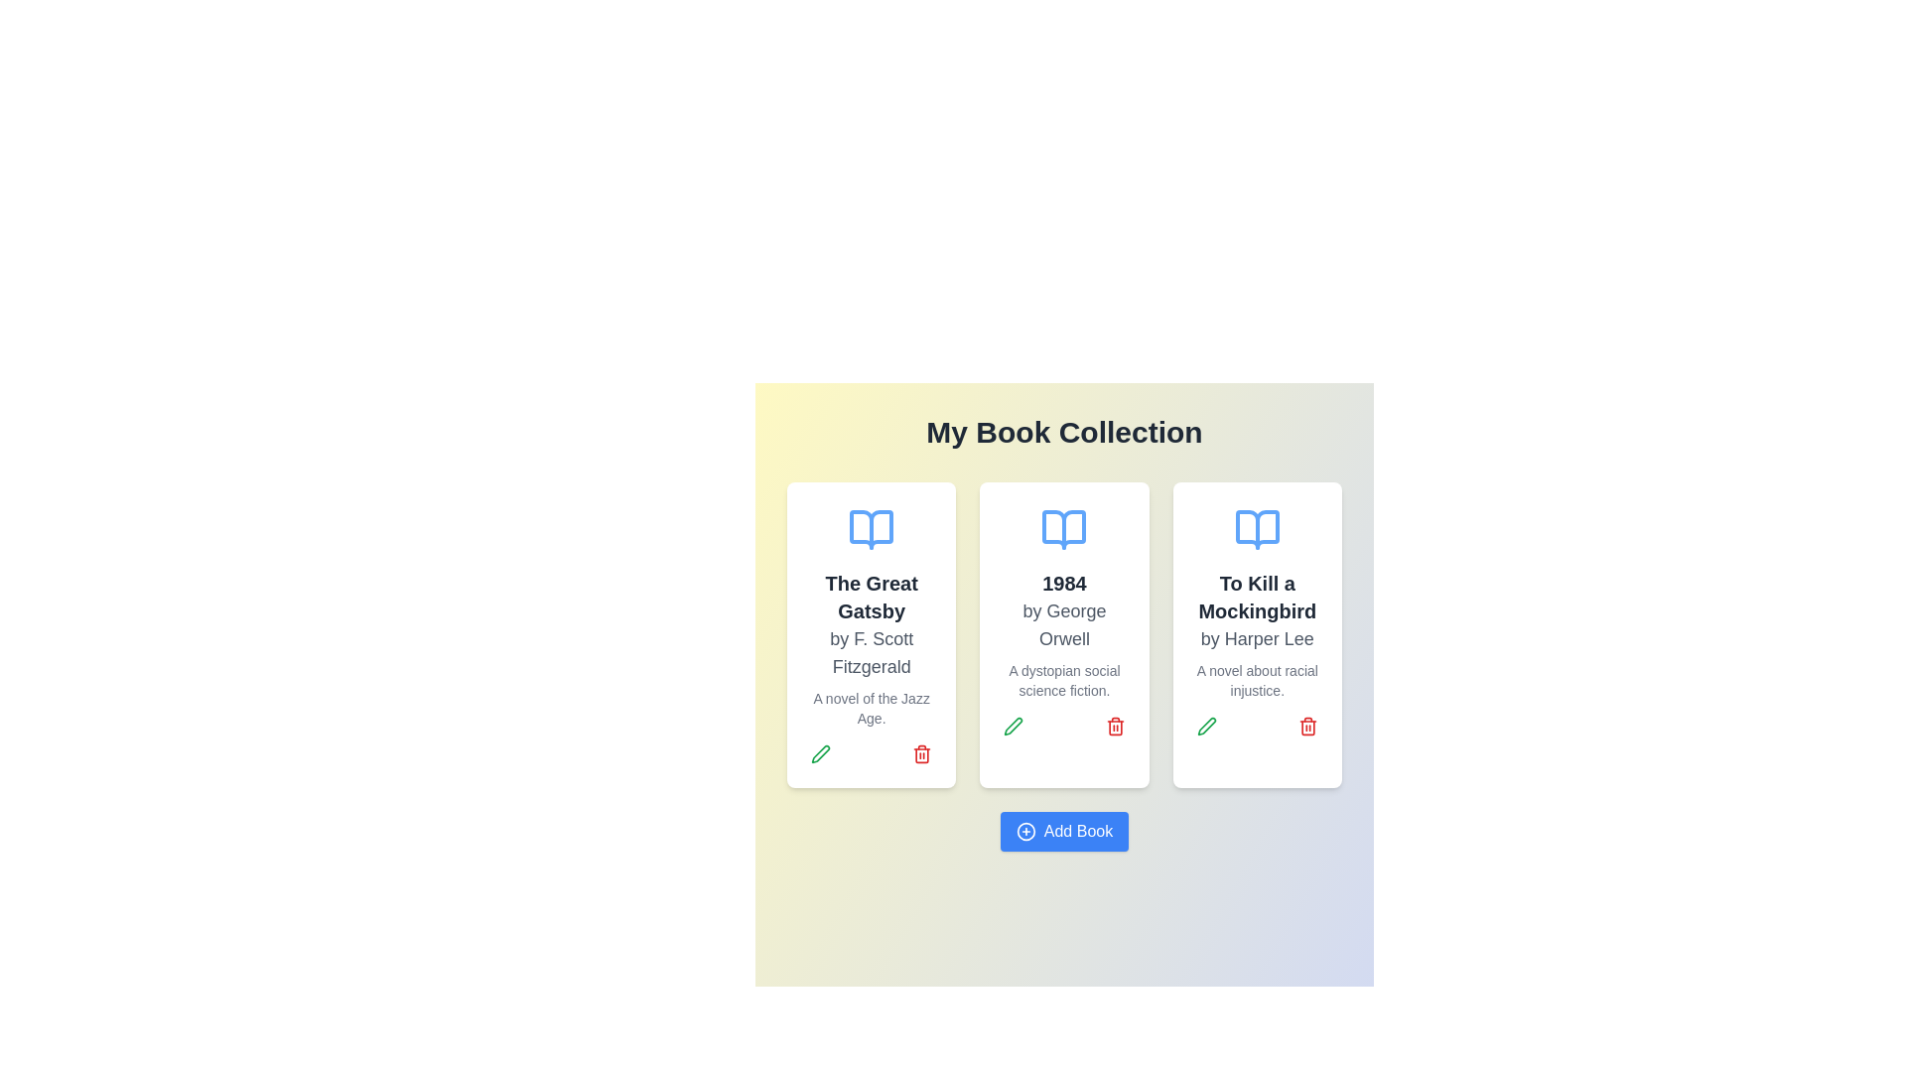  Describe the element at coordinates (1063, 623) in the screenshot. I see `the text element that contains 'by George Orwell', styled in a modern sans-serif font, located beneath the title '1984' and above the description text` at that location.